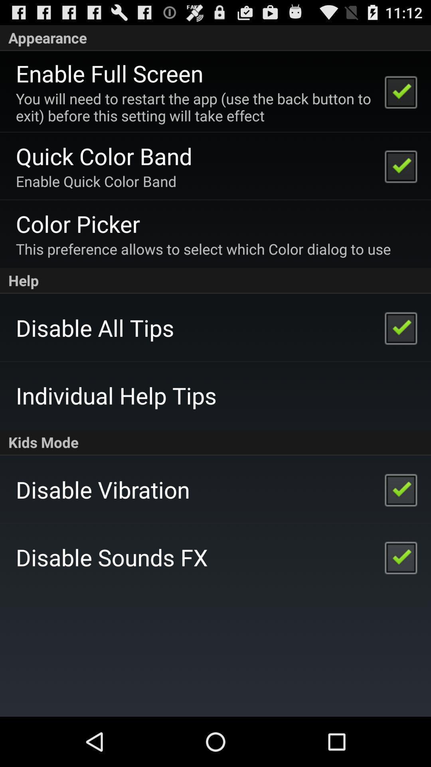 This screenshot has height=767, width=431. Describe the element at coordinates (78, 223) in the screenshot. I see `color picker app` at that location.